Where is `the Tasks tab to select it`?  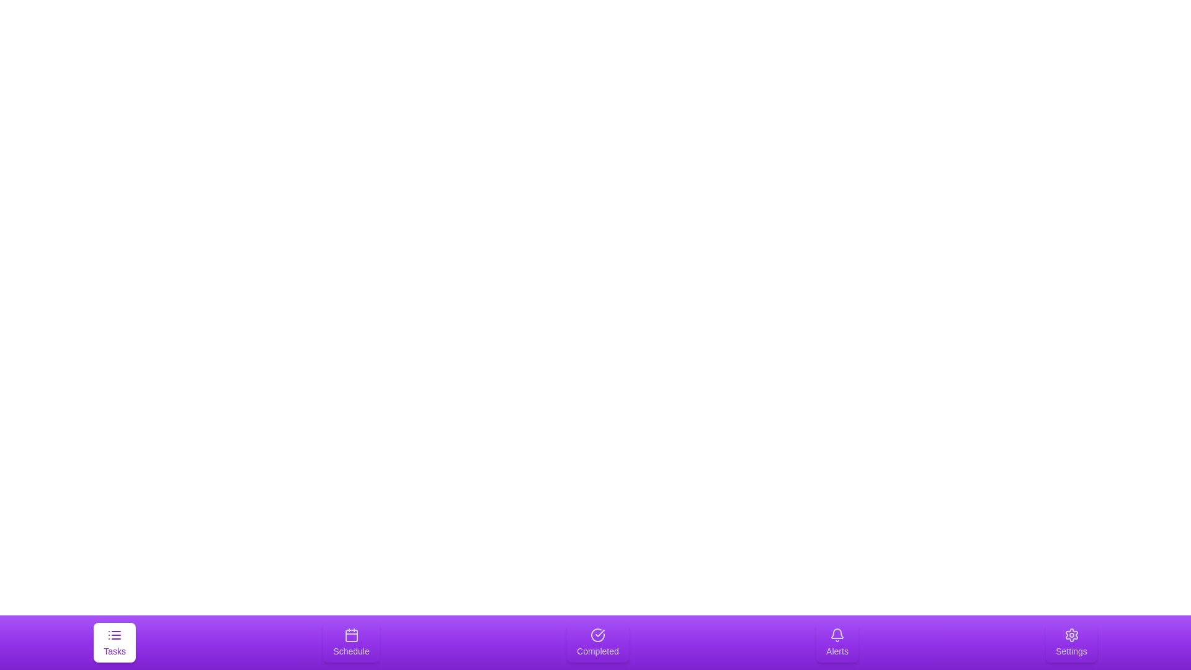
the Tasks tab to select it is located at coordinates (115, 642).